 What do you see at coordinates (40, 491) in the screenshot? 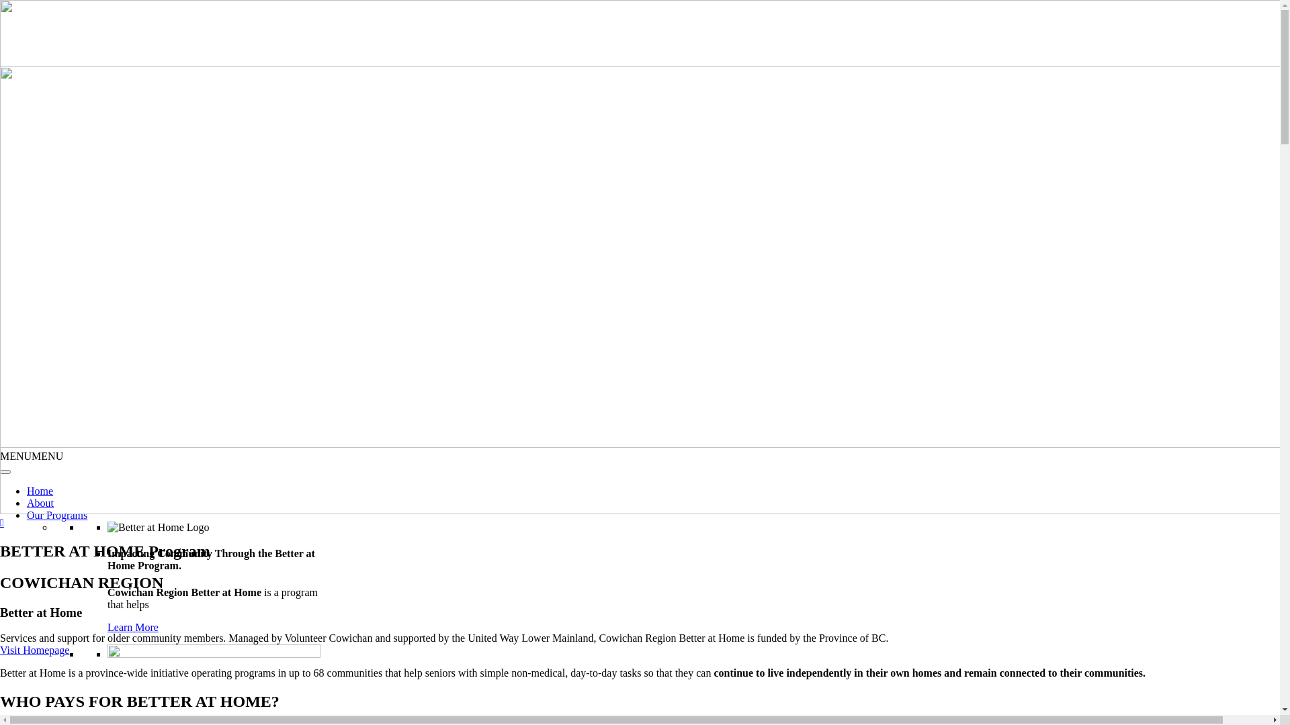
I see `'Home'` at bounding box center [40, 491].